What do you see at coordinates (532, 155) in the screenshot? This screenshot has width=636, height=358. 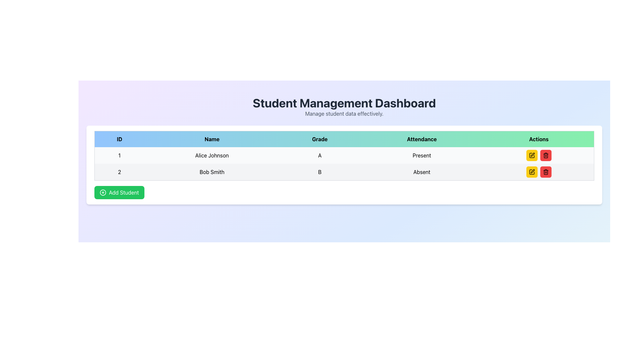 I see `the edit icon represented by a graphical vector within the SVG located in the 'Actions' column of the second row of the table, positioned to the left of the red delete button` at bounding box center [532, 155].